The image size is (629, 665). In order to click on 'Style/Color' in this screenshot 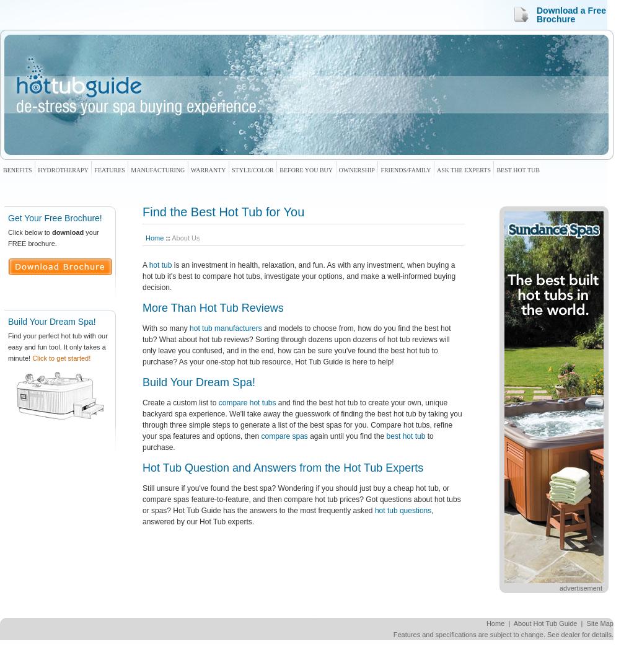, I will do `click(252, 169)`.